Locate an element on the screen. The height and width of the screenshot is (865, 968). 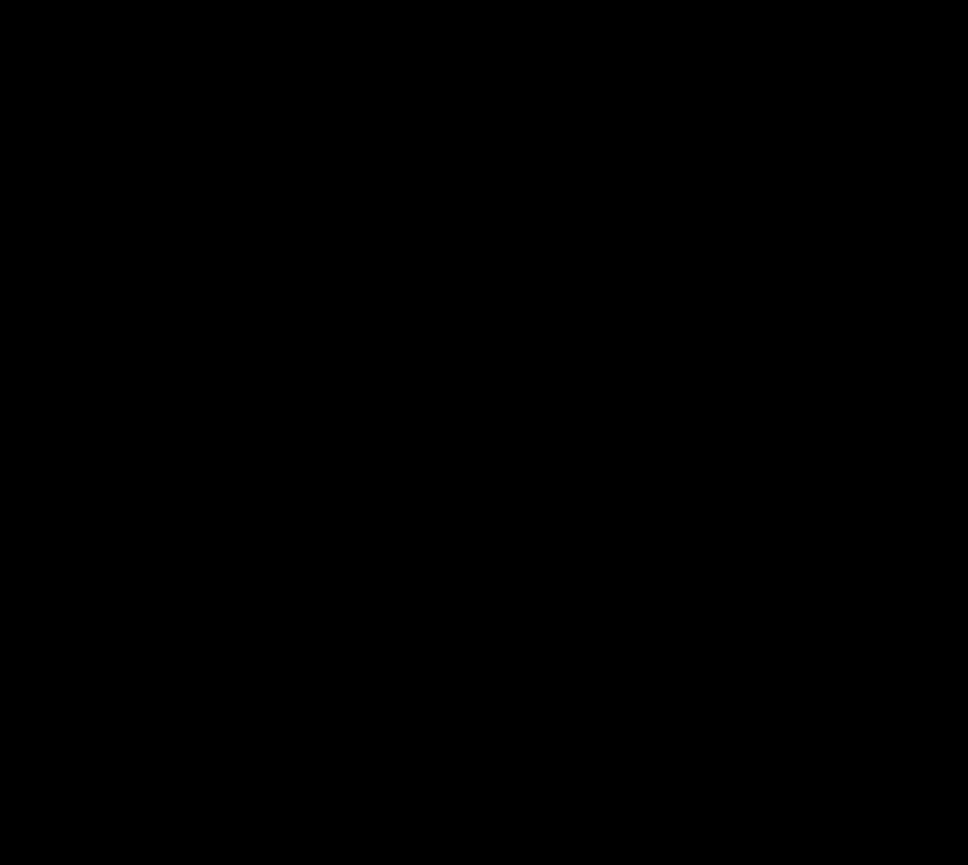
'About Me' is located at coordinates (245, 49).